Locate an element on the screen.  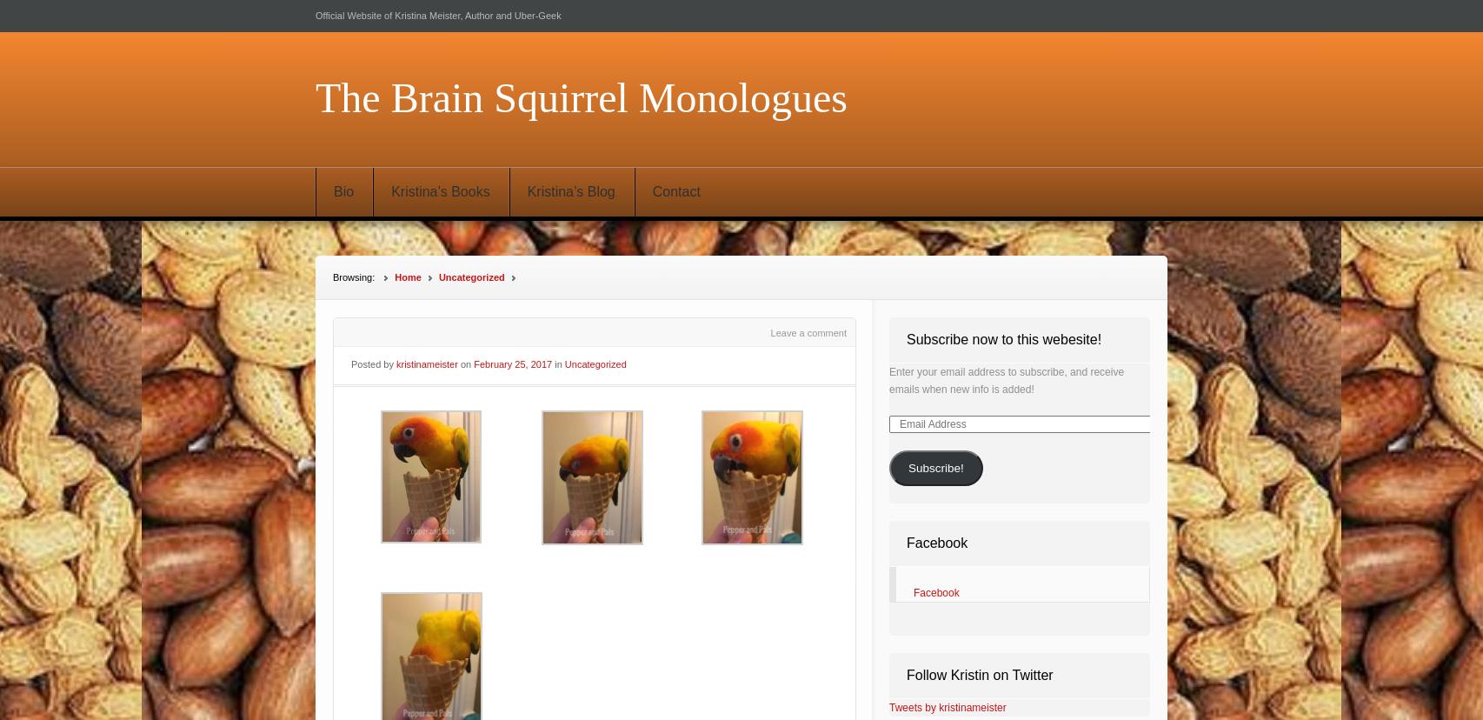
'Tweets by kristinameister' is located at coordinates (947, 707).